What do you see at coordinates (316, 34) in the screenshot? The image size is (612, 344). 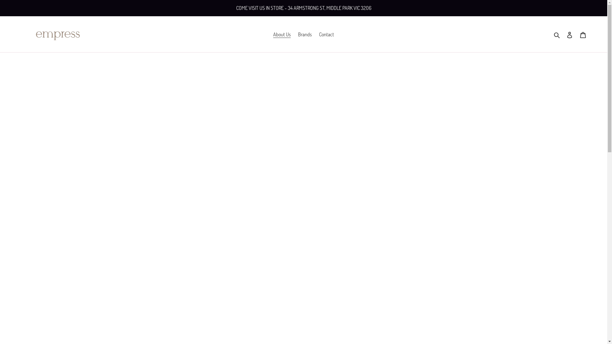 I see `'Contact'` at bounding box center [316, 34].